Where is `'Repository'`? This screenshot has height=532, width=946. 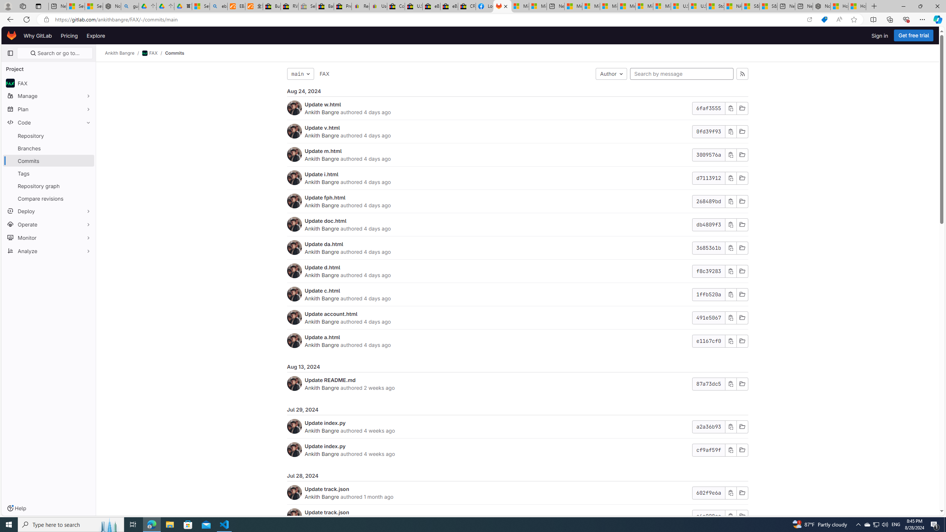
'Repository' is located at coordinates (48, 136).